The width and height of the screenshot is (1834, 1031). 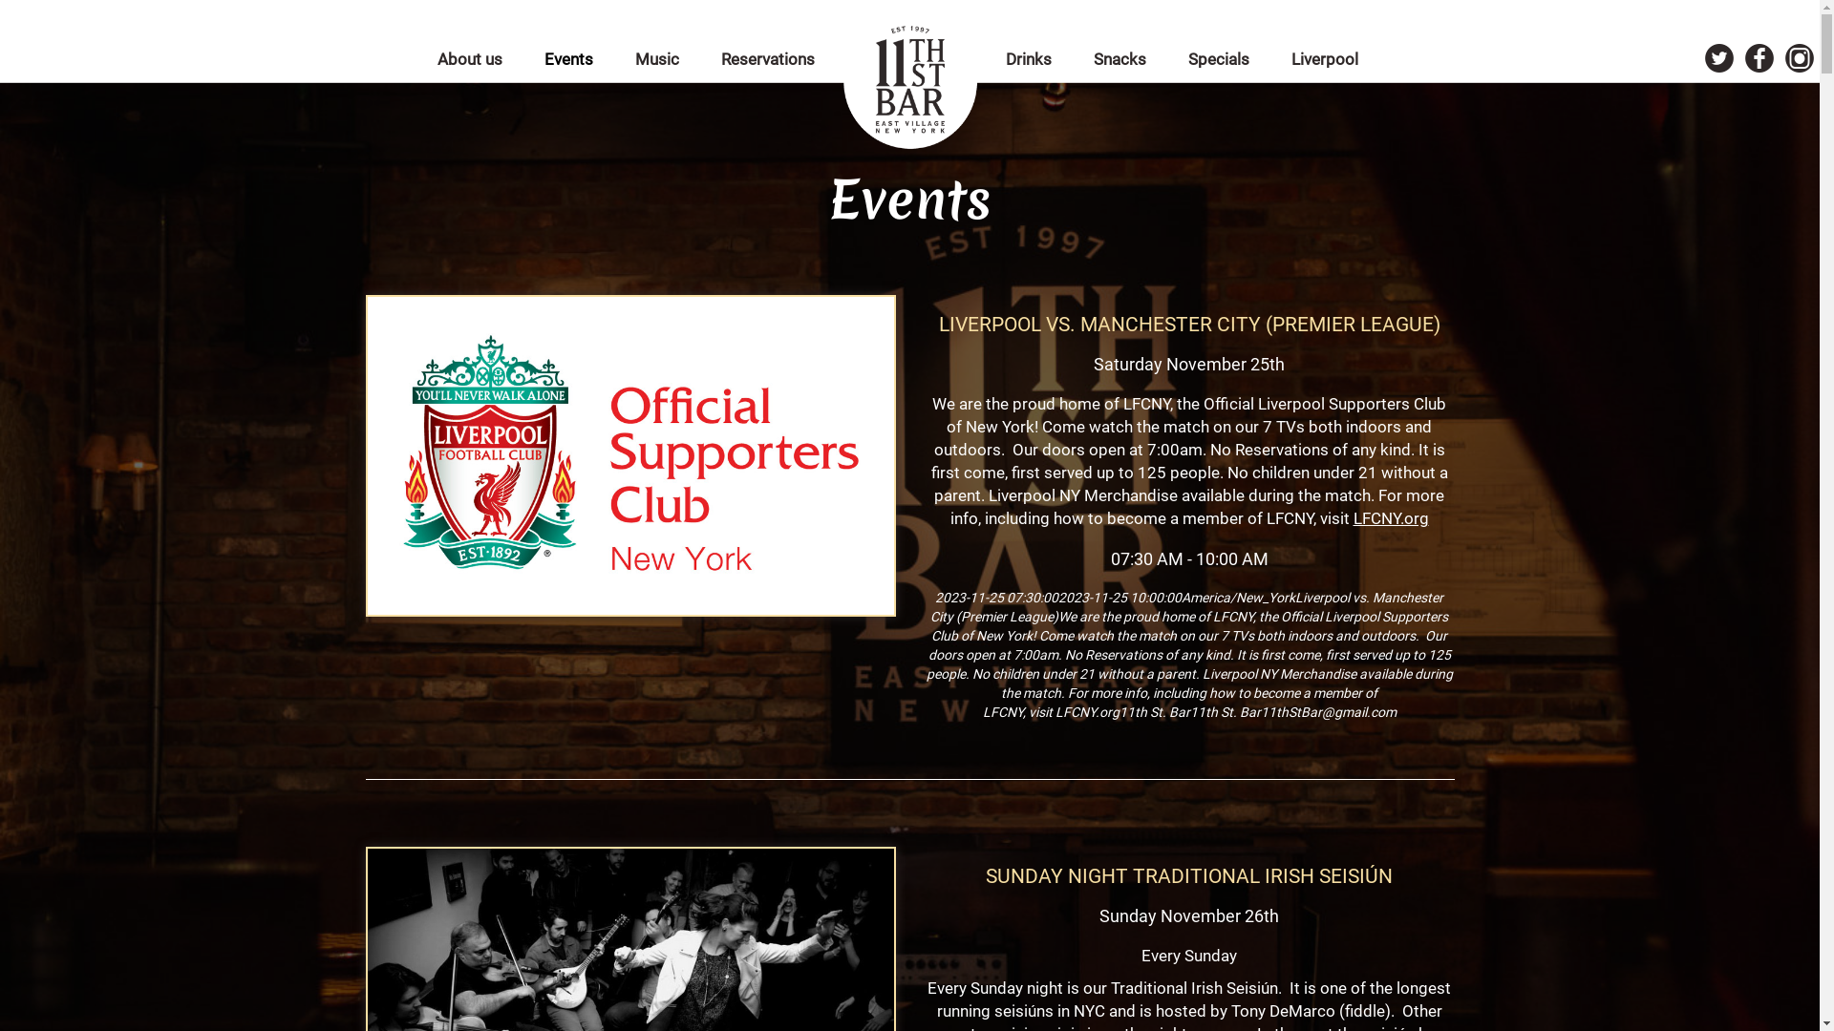 What do you see at coordinates (766, 57) in the screenshot?
I see `'Reservations'` at bounding box center [766, 57].